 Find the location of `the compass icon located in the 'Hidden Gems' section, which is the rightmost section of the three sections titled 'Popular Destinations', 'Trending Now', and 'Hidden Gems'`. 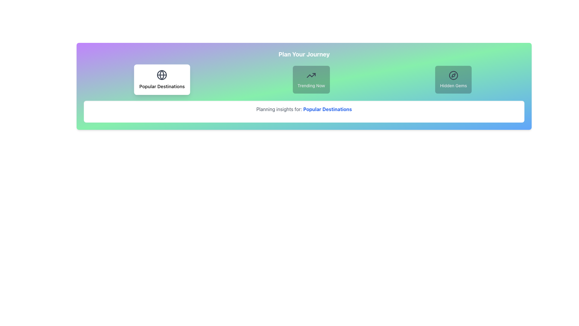

the compass icon located in the 'Hidden Gems' section, which is the rightmost section of the three sections titled 'Popular Destinations', 'Trending Now', and 'Hidden Gems' is located at coordinates (453, 75).